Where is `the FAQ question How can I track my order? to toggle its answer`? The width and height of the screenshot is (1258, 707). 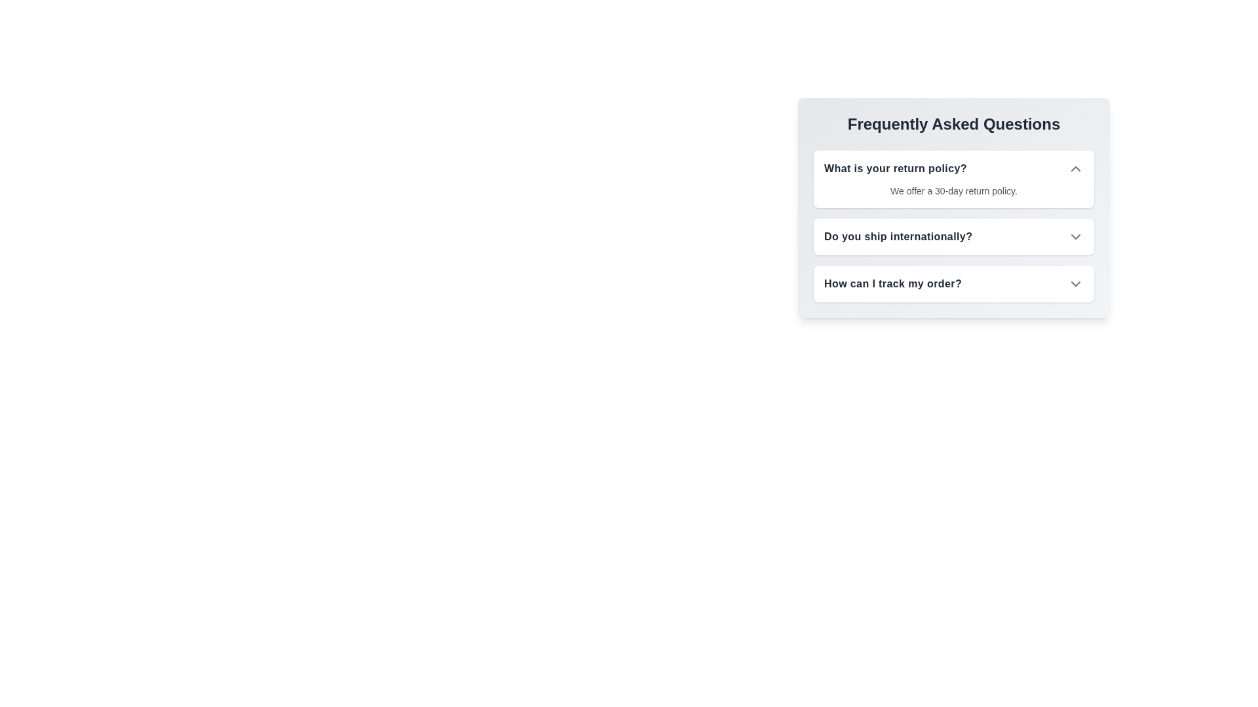 the FAQ question How can I track my order? to toggle its answer is located at coordinates (1075, 283).